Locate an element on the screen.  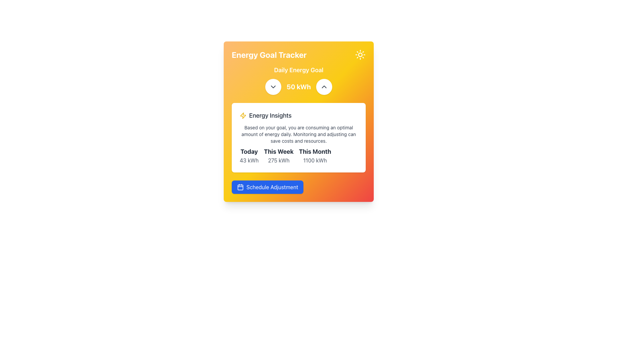
the Text display element that shows '50 kWh' in a bold white font against an orange background, which is centrally placed between two circular buttons is located at coordinates (298, 86).